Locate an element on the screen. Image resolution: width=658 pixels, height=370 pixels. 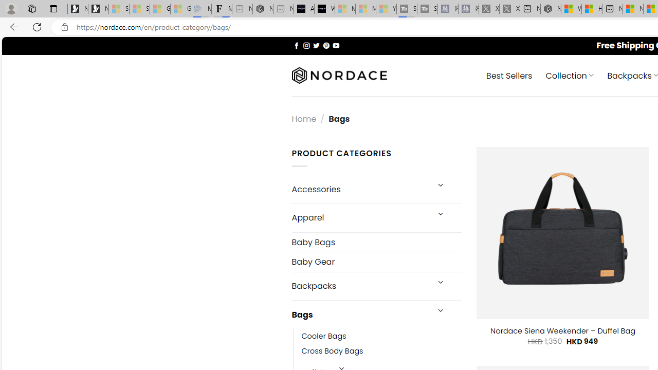
'Apparel' is located at coordinates (360, 217).